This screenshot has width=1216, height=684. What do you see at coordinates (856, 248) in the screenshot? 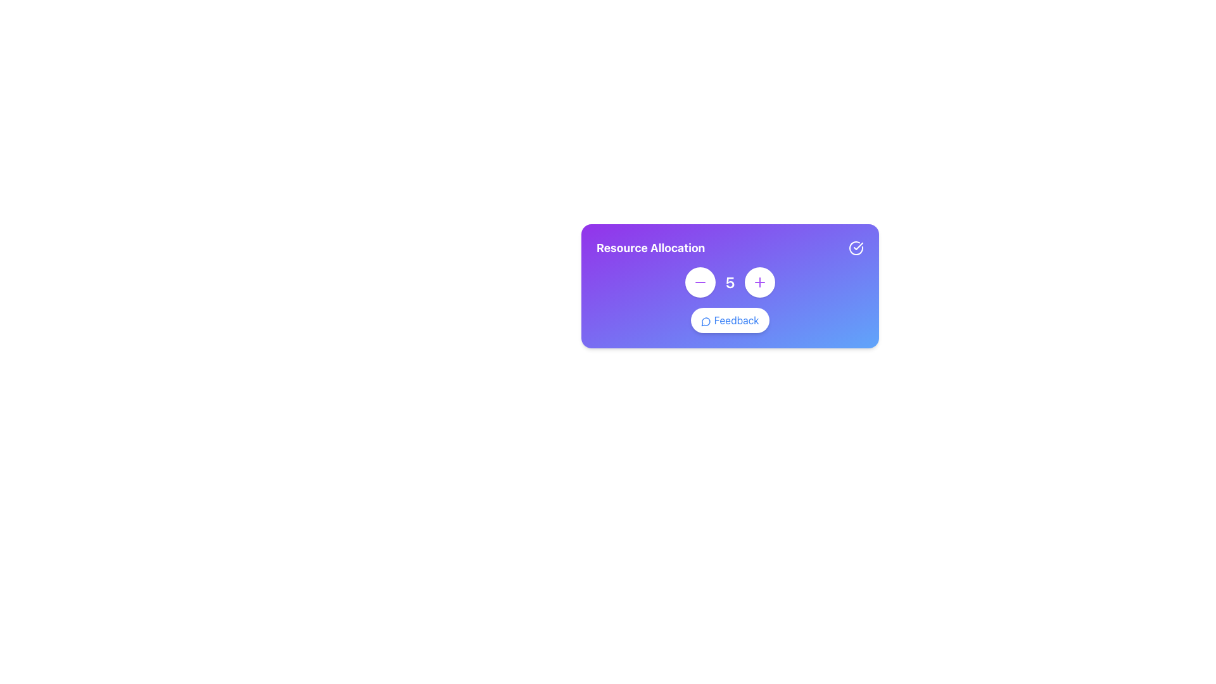
I see `the circular icon with a checkmark inside located in the top-right corner of the 'Resource Allocation' module` at bounding box center [856, 248].